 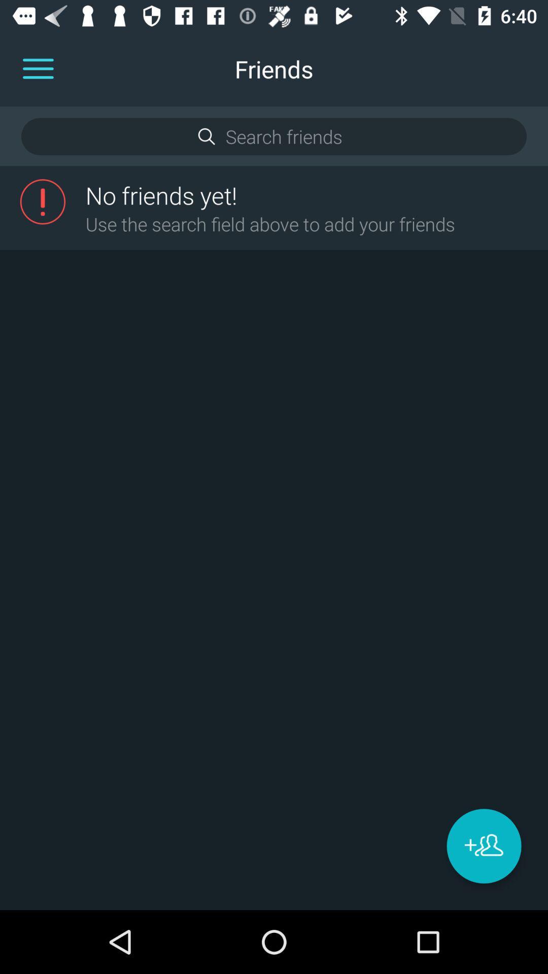 I want to click on the menu icon, so click(x=38, y=68).